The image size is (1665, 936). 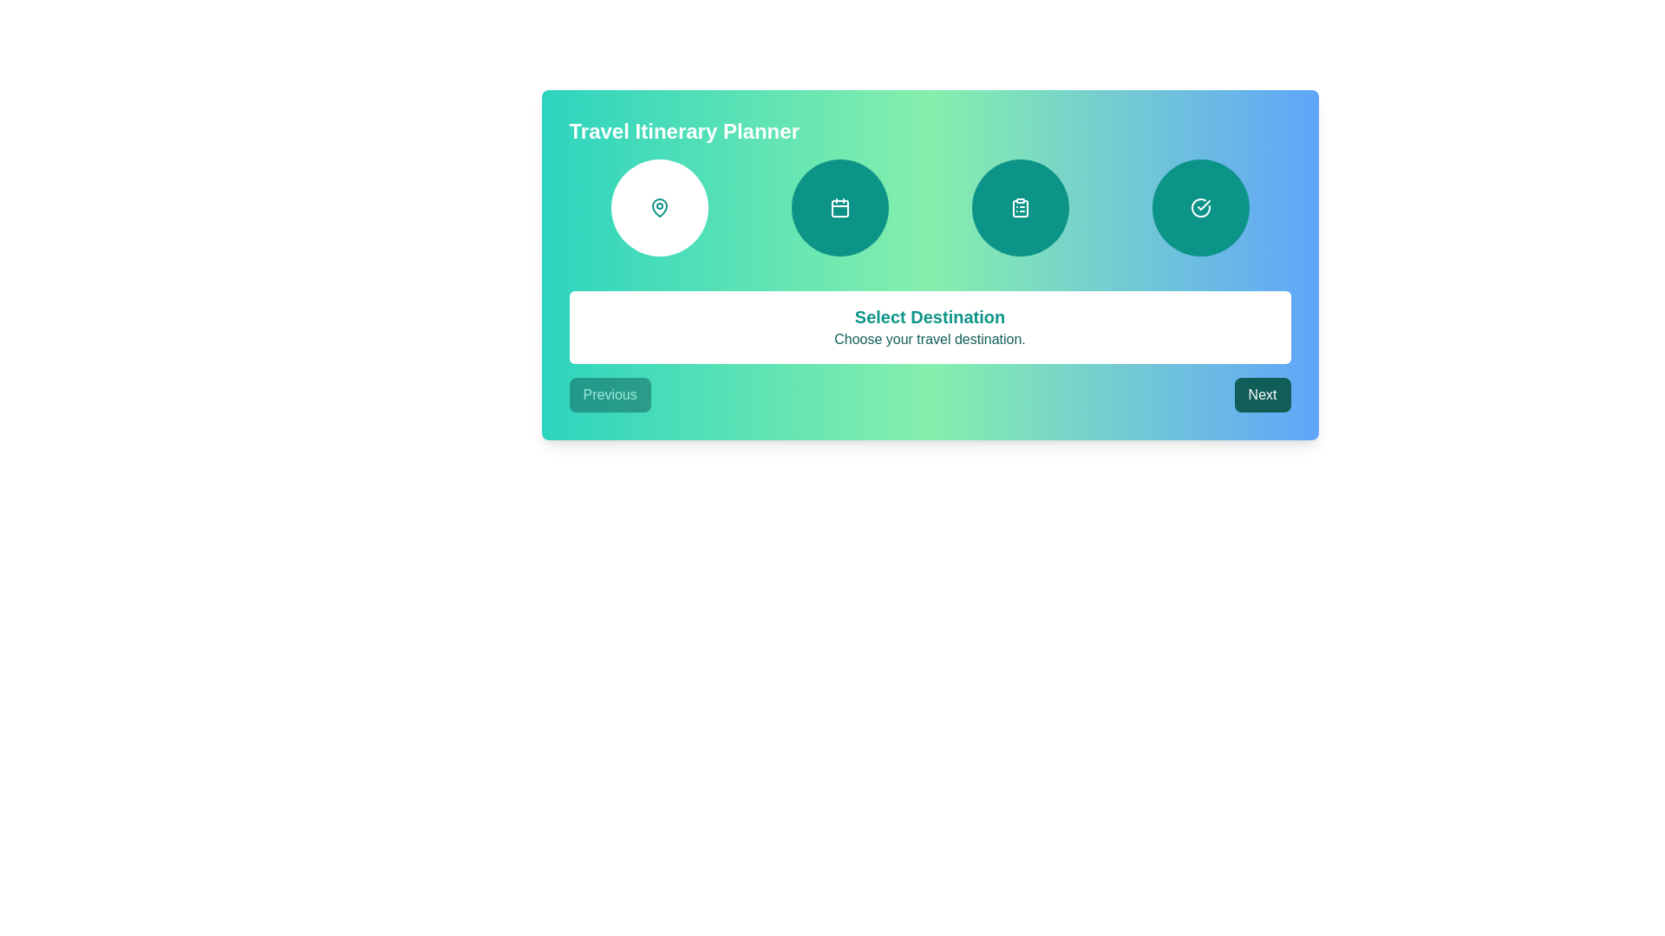 What do you see at coordinates (1199, 206) in the screenshot?
I see `the circular teal button with a white check mark icon, positioned as the last button in a row of four interactive buttons` at bounding box center [1199, 206].